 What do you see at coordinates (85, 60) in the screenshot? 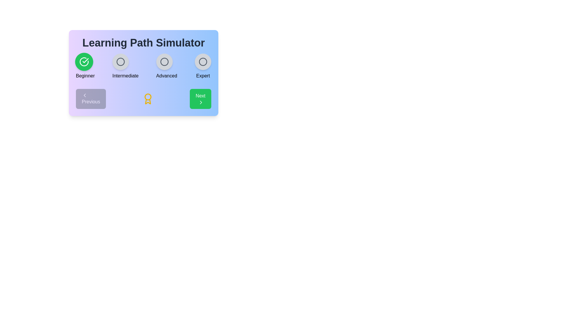
I see `the 'Beginner' level icon, which serves as a visual indicator for selection or completion, located at the leftmost end of the learning level options section` at bounding box center [85, 60].